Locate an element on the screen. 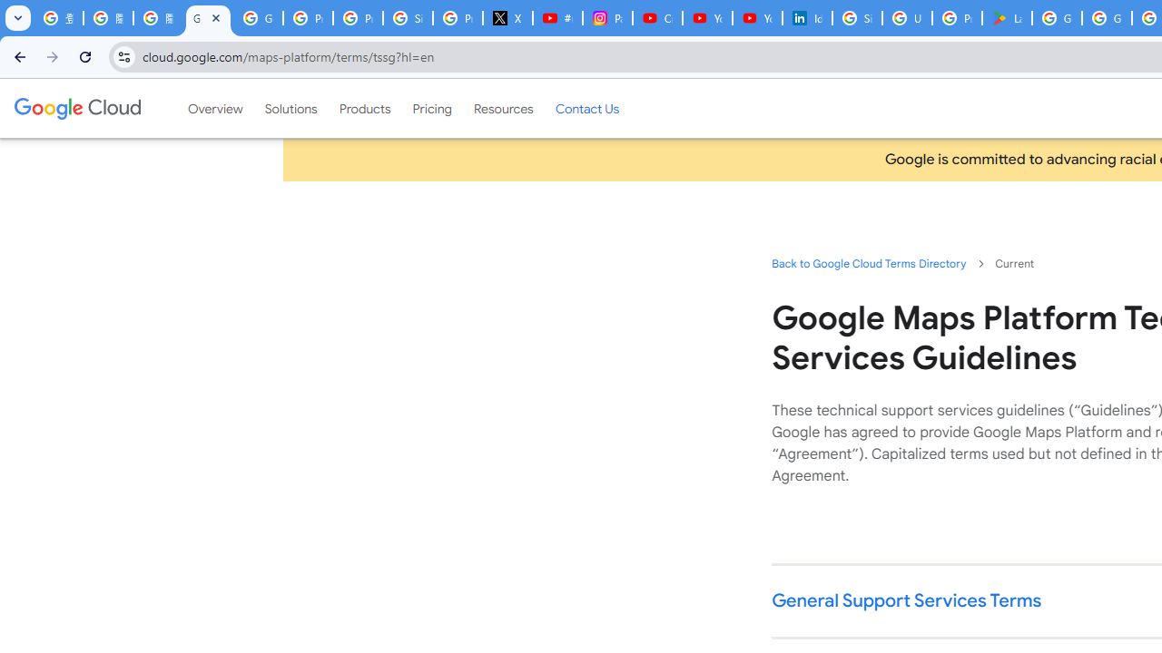 The width and height of the screenshot is (1162, 653). 'Overview' is located at coordinates (215, 108).